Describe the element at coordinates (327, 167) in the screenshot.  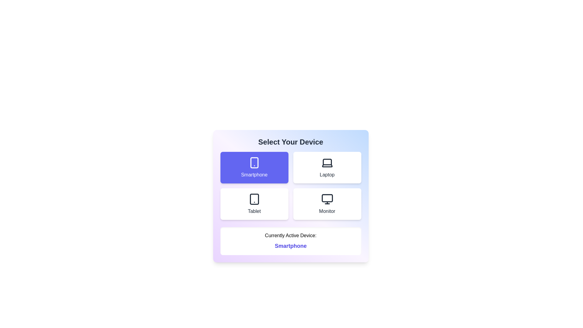
I see `the device option labeled Laptop to observe its hover effect` at that location.